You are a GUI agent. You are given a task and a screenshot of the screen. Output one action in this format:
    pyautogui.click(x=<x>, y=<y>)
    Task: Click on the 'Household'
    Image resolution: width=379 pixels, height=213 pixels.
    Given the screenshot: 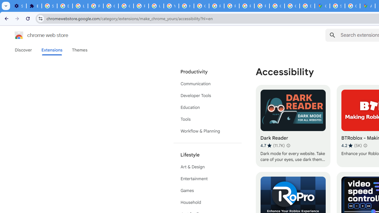 What is the action you would take?
    pyautogui.click(x=207, y=202)
    